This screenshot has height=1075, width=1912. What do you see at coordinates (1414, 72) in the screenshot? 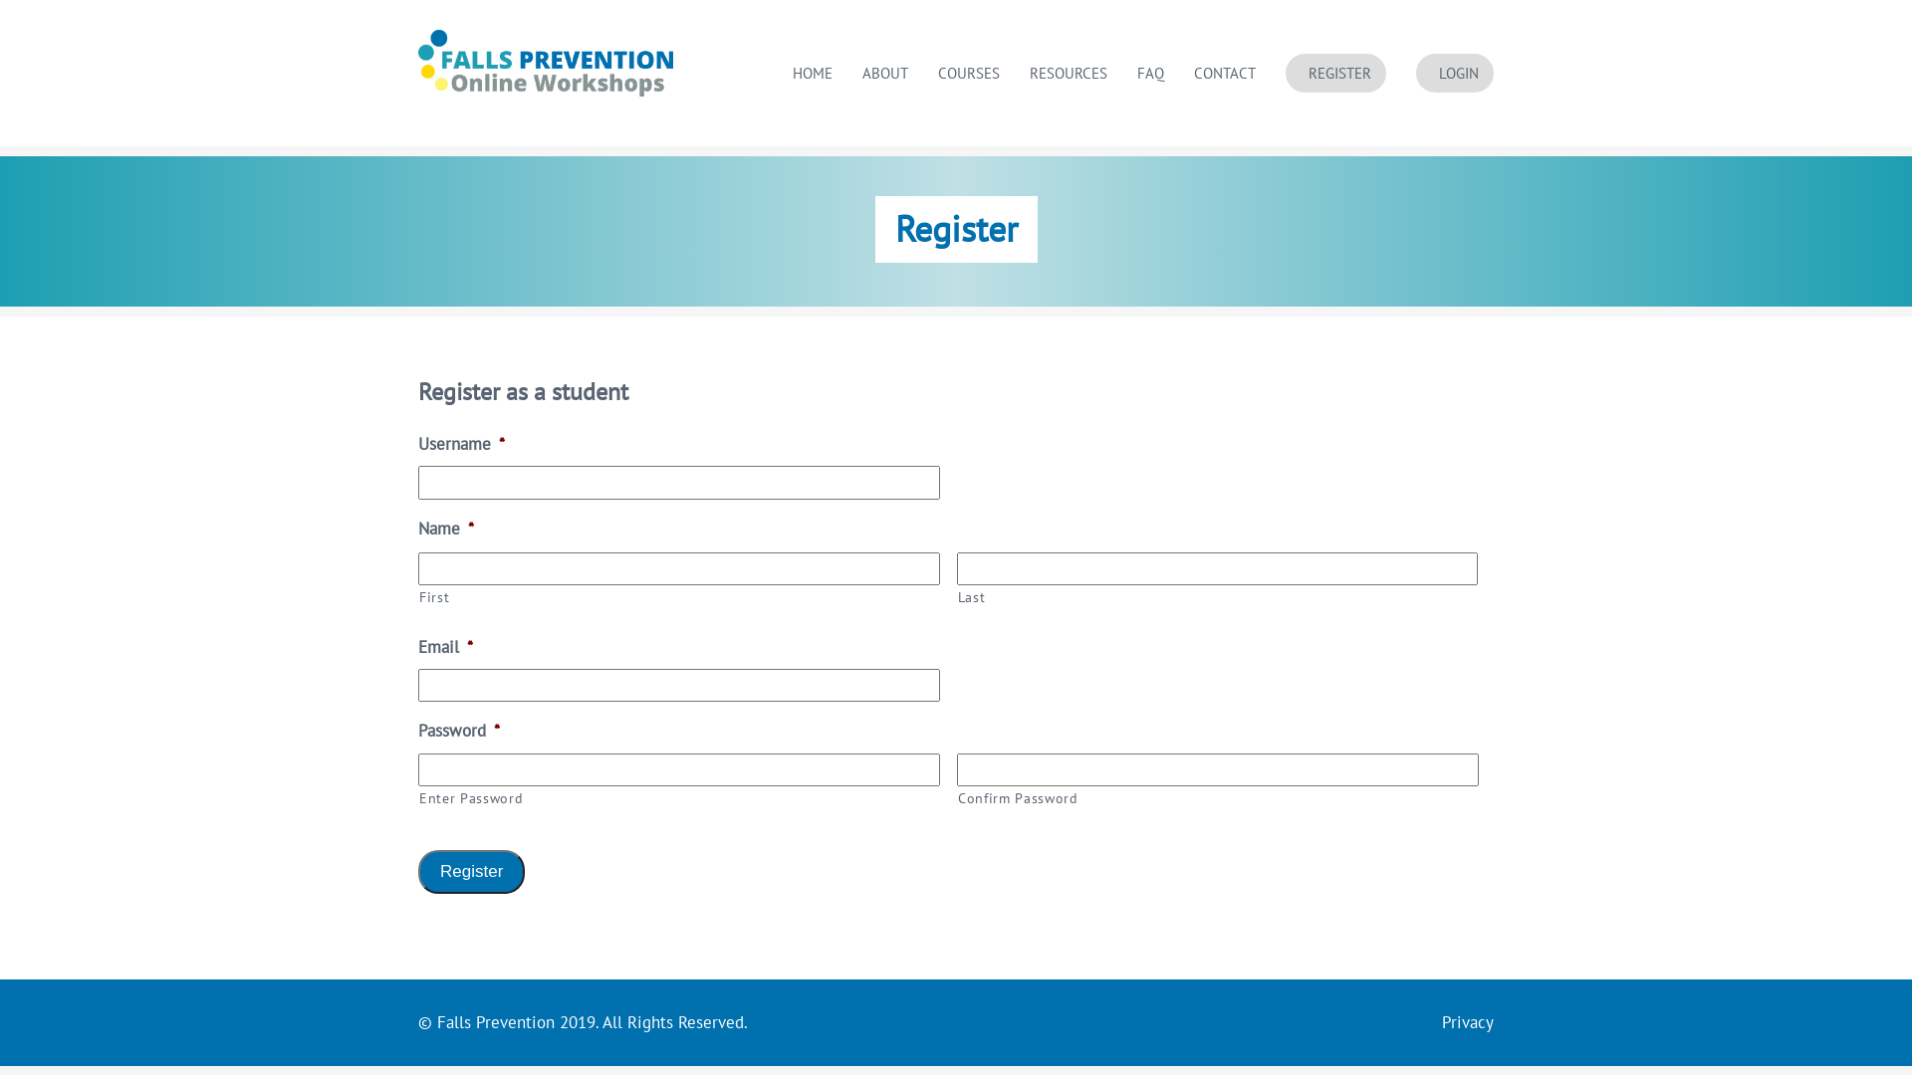
I see `'LOGIN'` at bounding box center [1414, 72].